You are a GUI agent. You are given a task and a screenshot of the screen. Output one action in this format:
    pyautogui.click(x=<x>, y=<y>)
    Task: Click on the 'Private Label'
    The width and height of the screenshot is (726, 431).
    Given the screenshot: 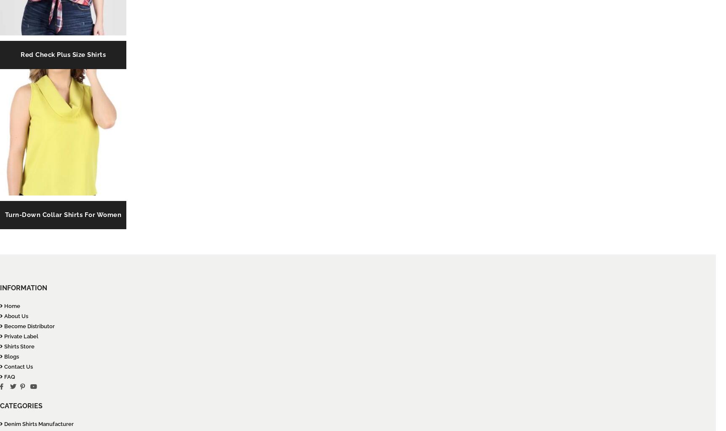 What is the action you would take?
    pyautogui.click(x=20, y=336)
    